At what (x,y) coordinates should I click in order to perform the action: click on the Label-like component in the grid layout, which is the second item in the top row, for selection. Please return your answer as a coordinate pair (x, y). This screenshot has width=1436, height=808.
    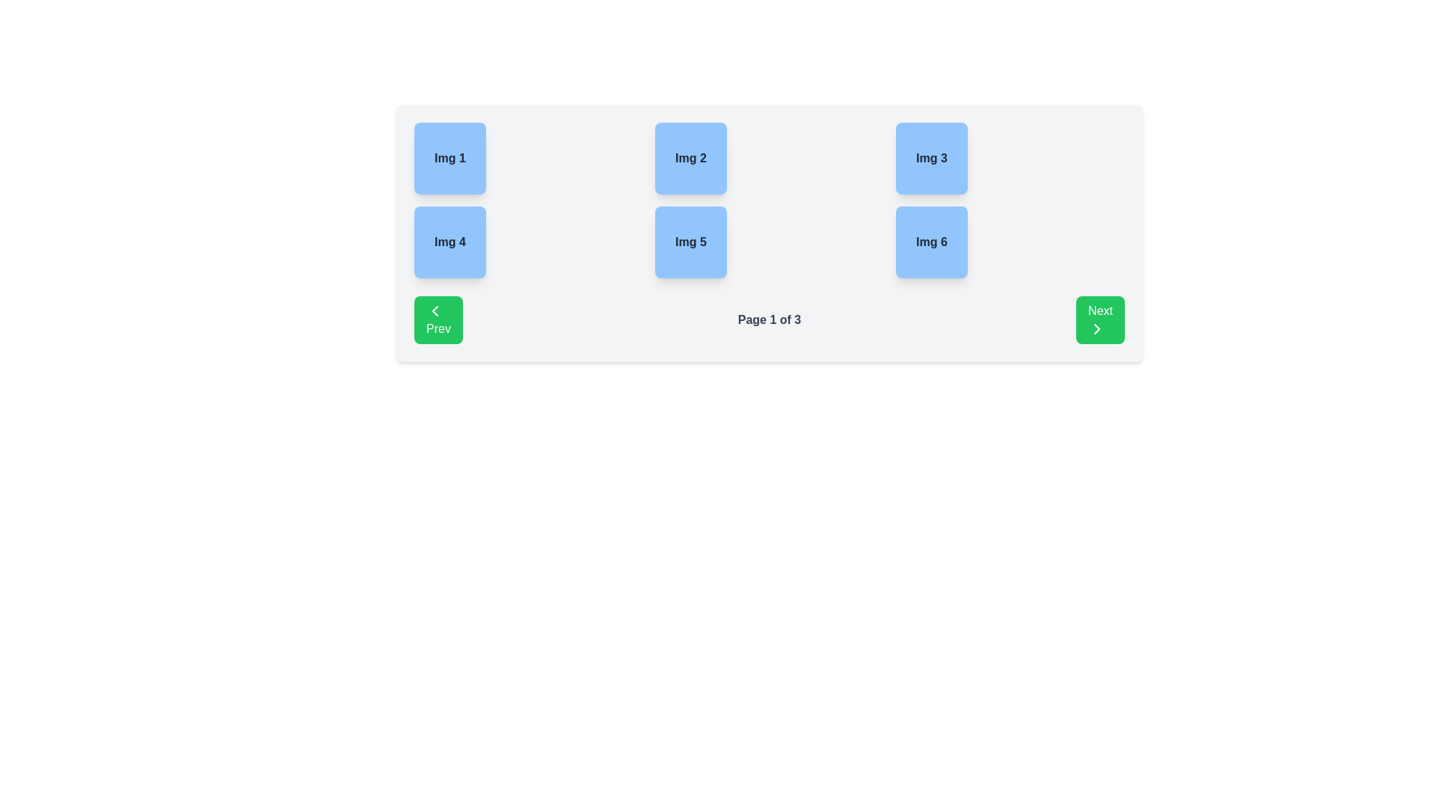
    Looking at the image, I should click on (690, 159).